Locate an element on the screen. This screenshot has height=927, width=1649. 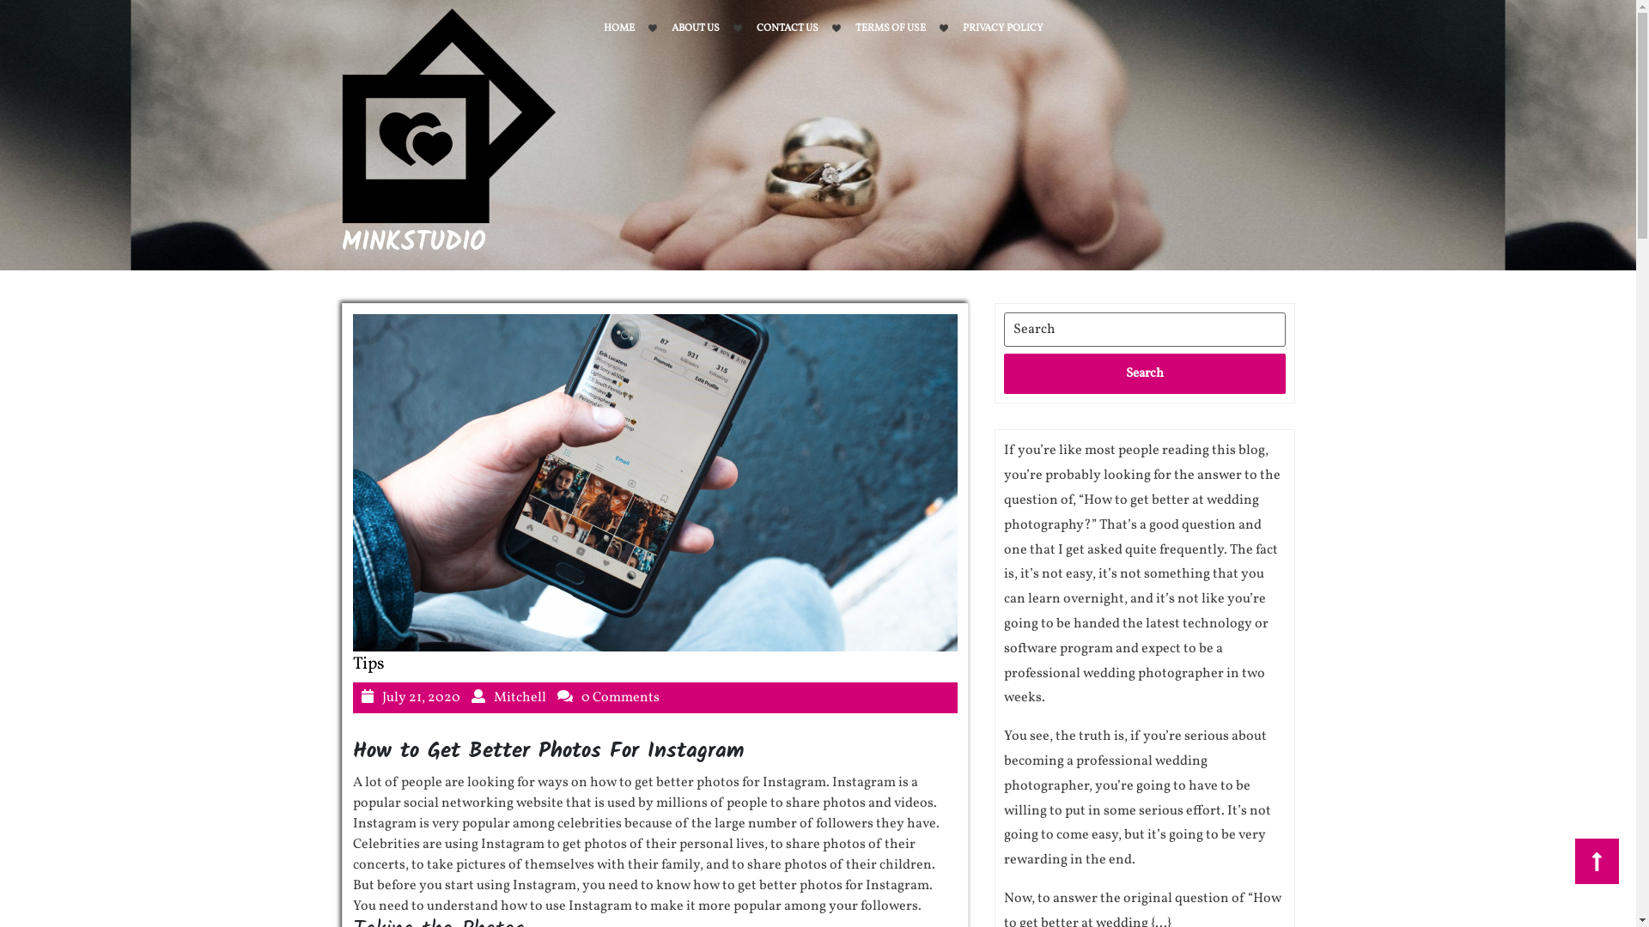
'Mitchell is located at coordinates (518, 698).